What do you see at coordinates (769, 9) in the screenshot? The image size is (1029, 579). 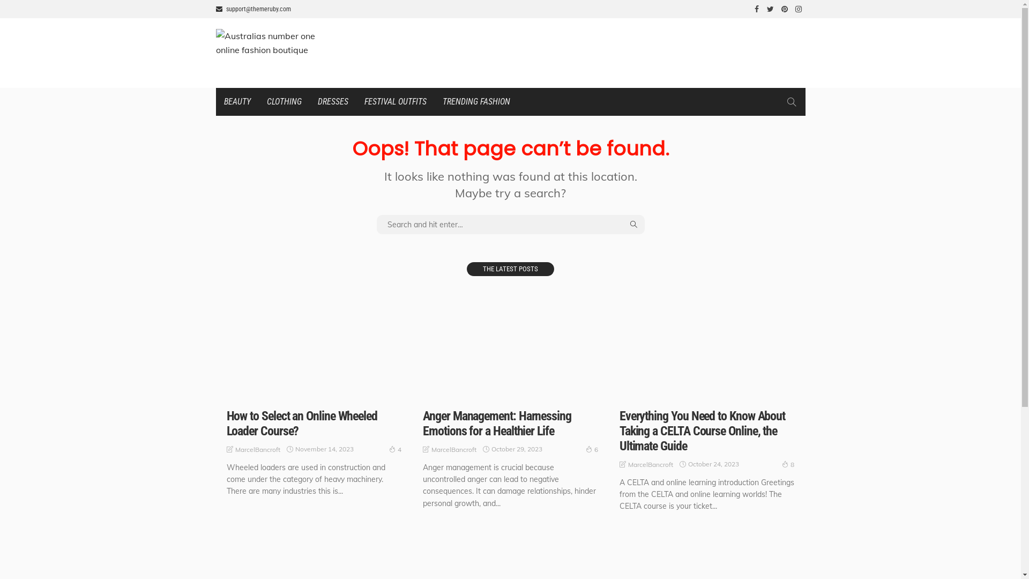 I see `'twitter'` at bounding box center [769, 9].